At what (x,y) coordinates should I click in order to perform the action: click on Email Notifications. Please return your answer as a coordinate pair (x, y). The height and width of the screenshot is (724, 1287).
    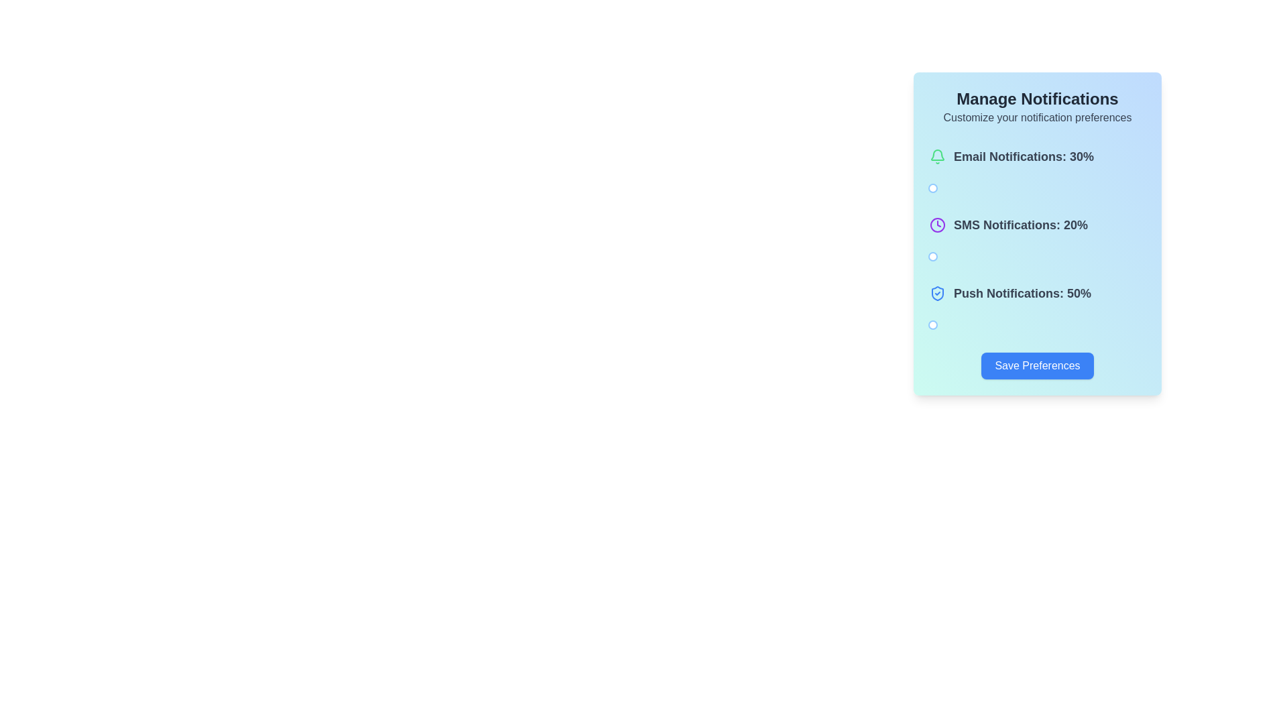
    Looking at the image, I should click on (926, 188).